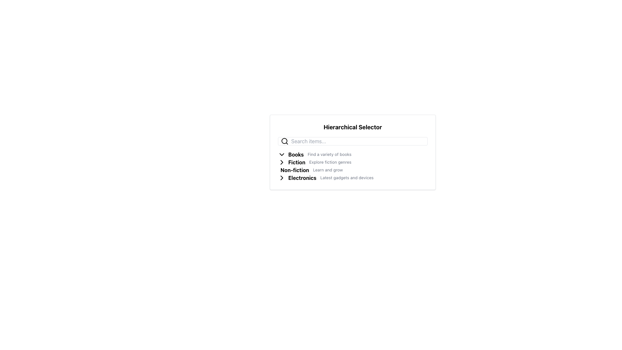  I want to click on the second item under the 'Books' category in the hierarchical navigation interface, so click(352, 162).